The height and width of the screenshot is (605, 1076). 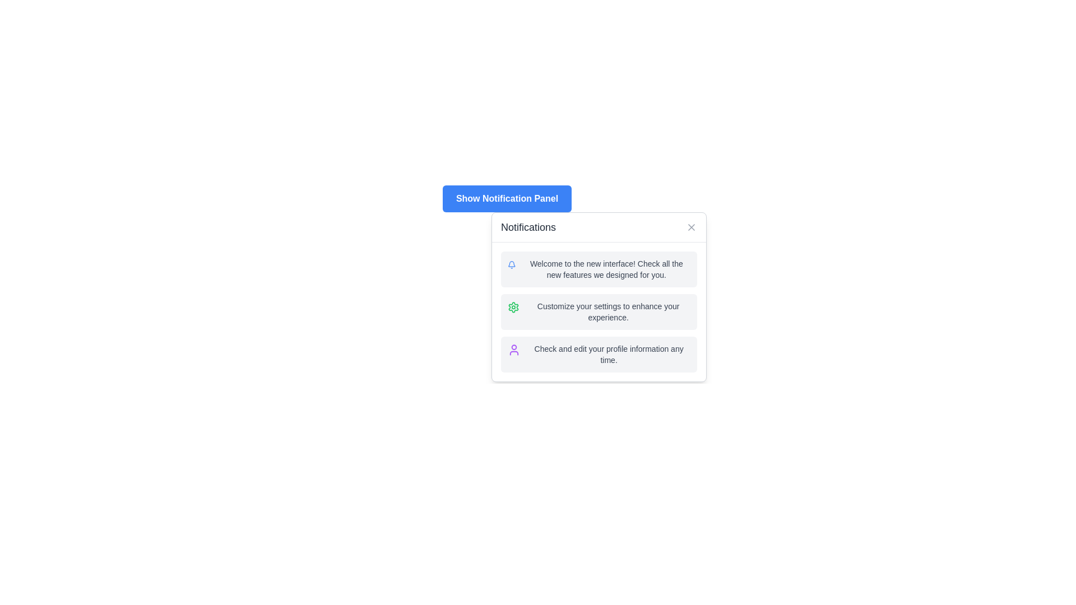 What do you see at coordinates (608, 354) in the screenshot?
I see `the text that informs the user they can check and modify their profile information at any time, located in the third section of the notifications list, below the green settings cog icon and to the right of the purple user icon` at bounding box center [608, 354].